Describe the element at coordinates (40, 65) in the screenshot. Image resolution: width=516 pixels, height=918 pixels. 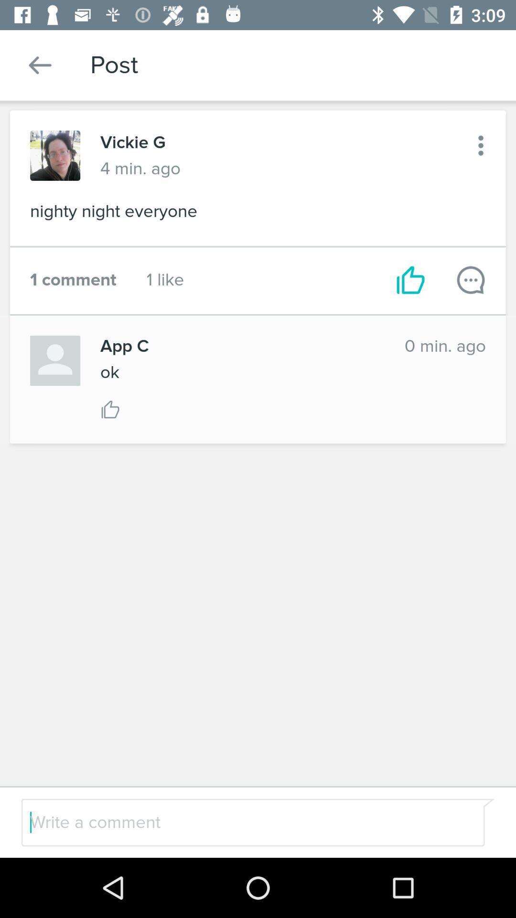
I see `the app next to post icon` at that location.